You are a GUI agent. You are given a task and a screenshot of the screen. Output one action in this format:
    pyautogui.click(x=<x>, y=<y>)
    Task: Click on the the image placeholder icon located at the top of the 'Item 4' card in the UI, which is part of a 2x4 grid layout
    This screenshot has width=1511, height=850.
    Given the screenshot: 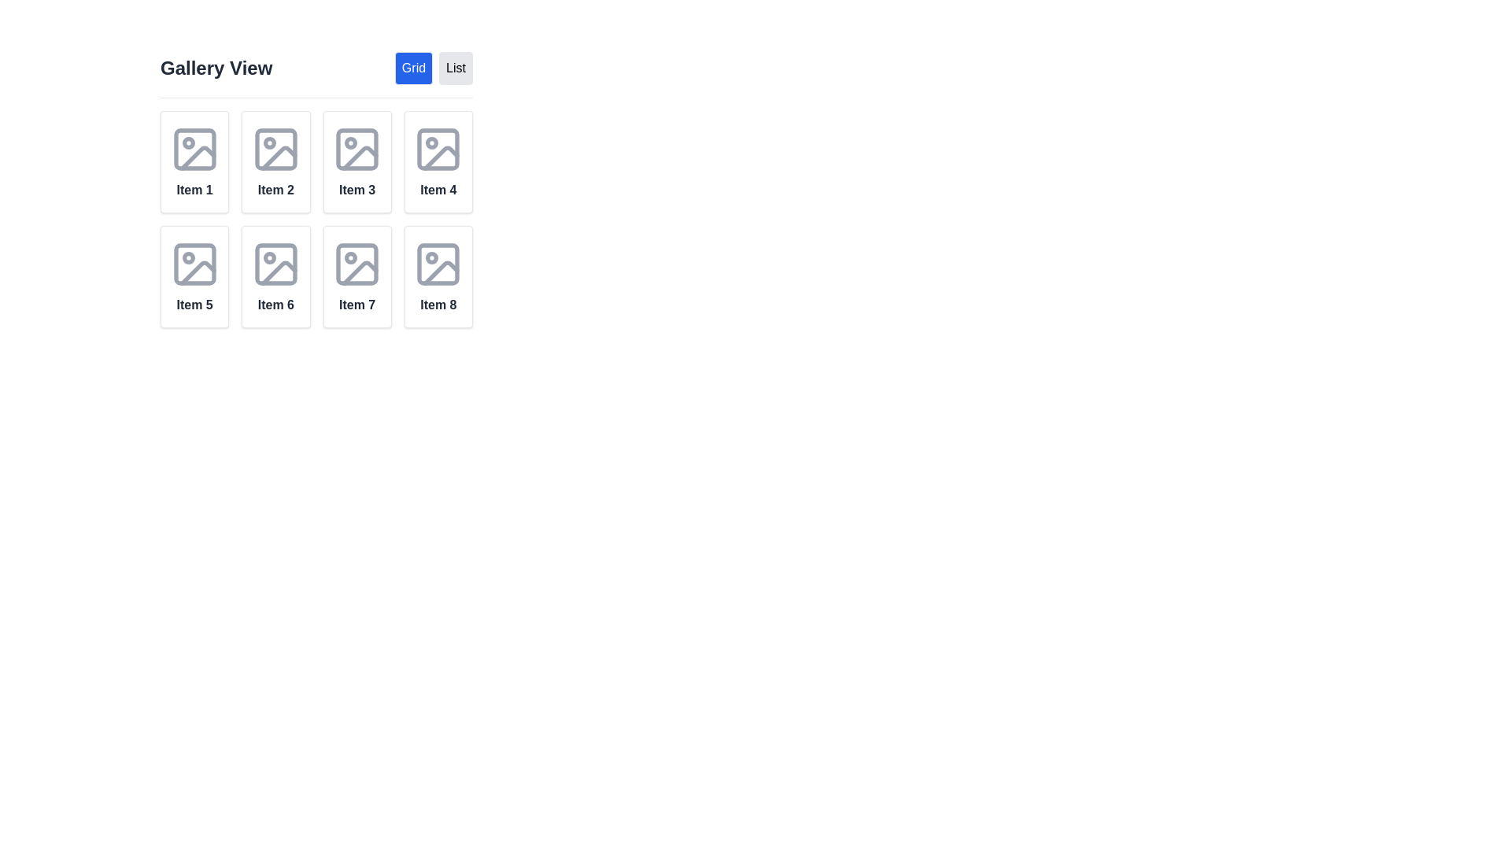 What is the action you would take?
    pyautogui.click(x=438, y=149)
    